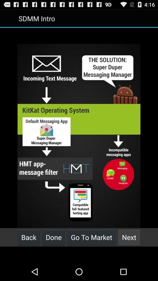 This screenshot has width=158, height=281. Describe the element at coordinates (91, 237) in the screenshot. I see `button to the right of done item` at that location.